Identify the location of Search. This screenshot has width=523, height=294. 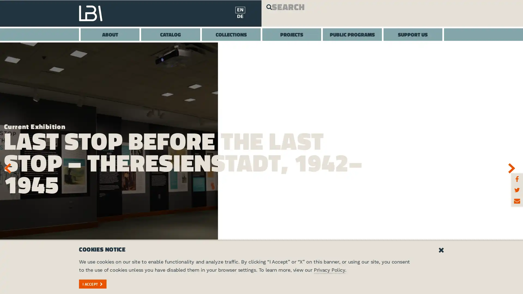
(273, 13).